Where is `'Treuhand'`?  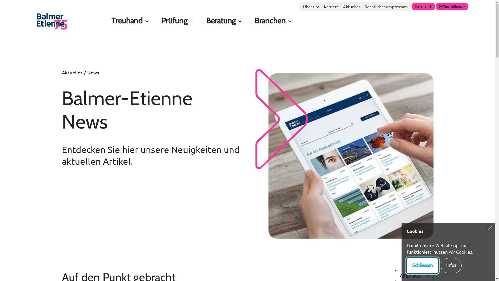 'Treuhand' is located at coordinates (127, 20).